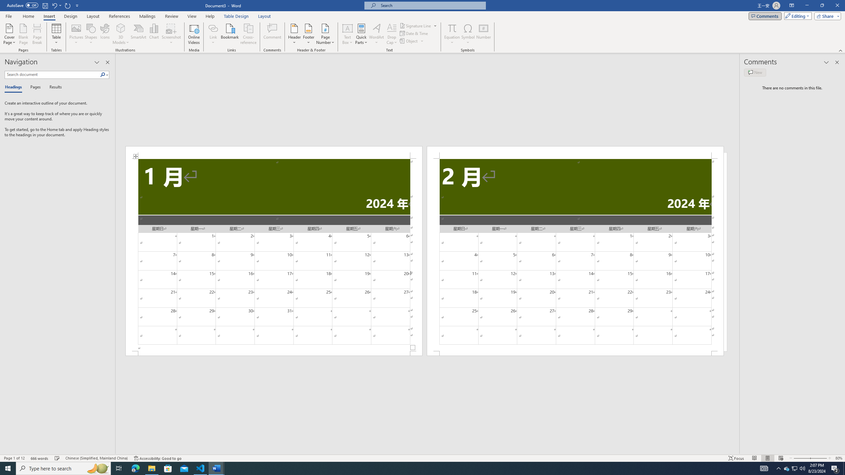  I want to click on 'Comment', so click(272, 34).